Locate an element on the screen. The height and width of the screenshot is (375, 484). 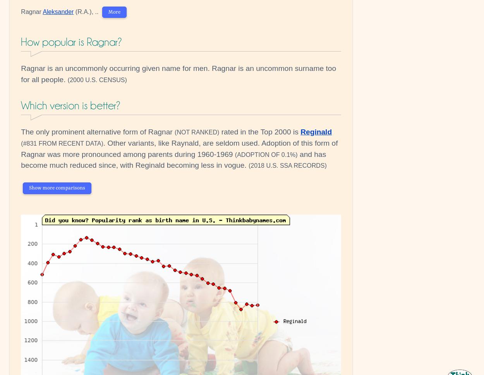
'Which version is better?' is located at coordinates (71, 105).